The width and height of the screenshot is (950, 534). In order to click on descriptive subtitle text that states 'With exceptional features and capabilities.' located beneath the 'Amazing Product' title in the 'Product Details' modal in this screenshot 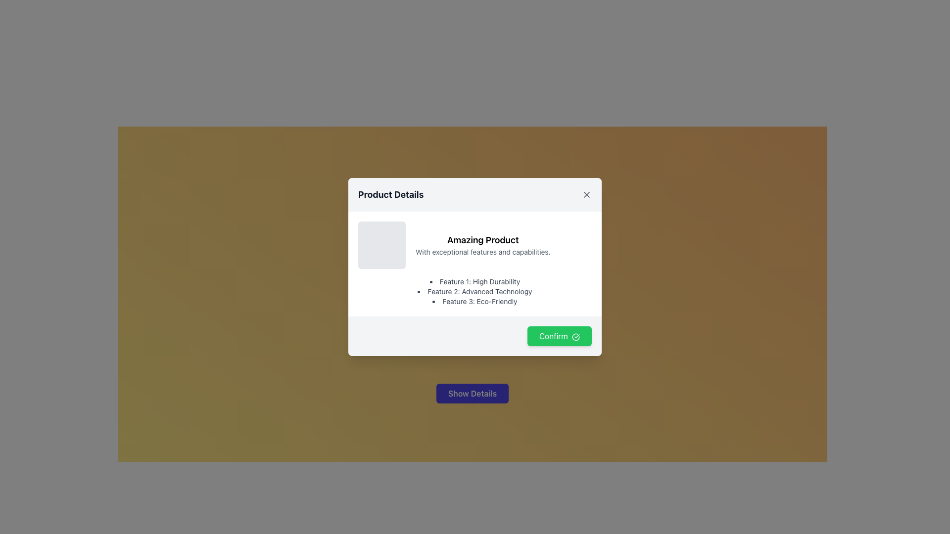, I will do `click(483, 251)`.